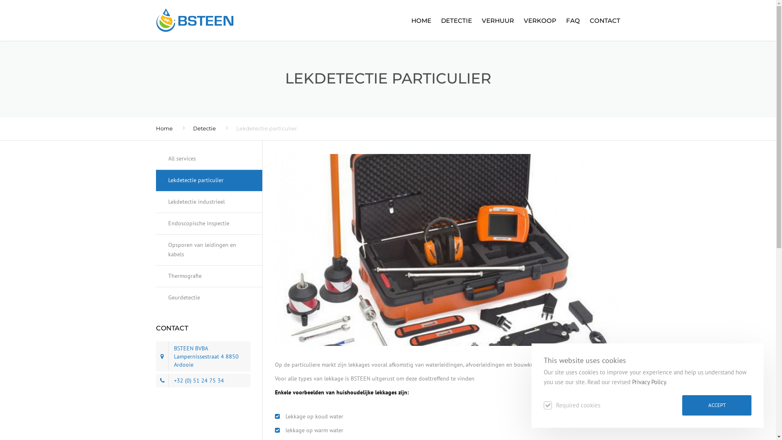  I want to click on 'Detectie', so click(204, 128).